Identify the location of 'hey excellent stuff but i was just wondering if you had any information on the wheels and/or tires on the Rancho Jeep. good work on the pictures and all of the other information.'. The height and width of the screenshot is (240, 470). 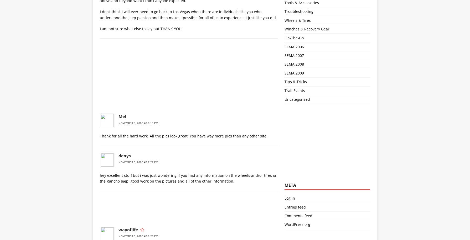
(99, 178).